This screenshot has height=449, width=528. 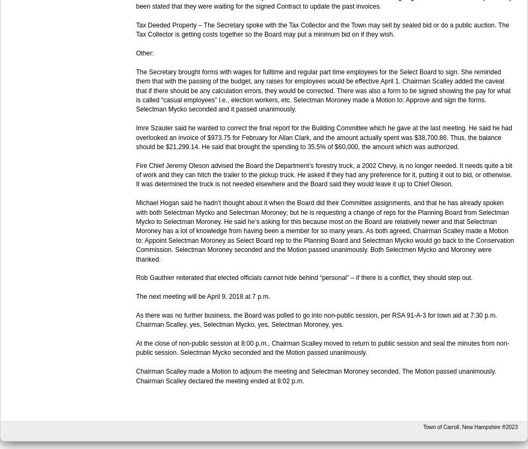 I want to click on 'Town of Carroll, New Hampshire ®2023', so click(x=470, y=426).